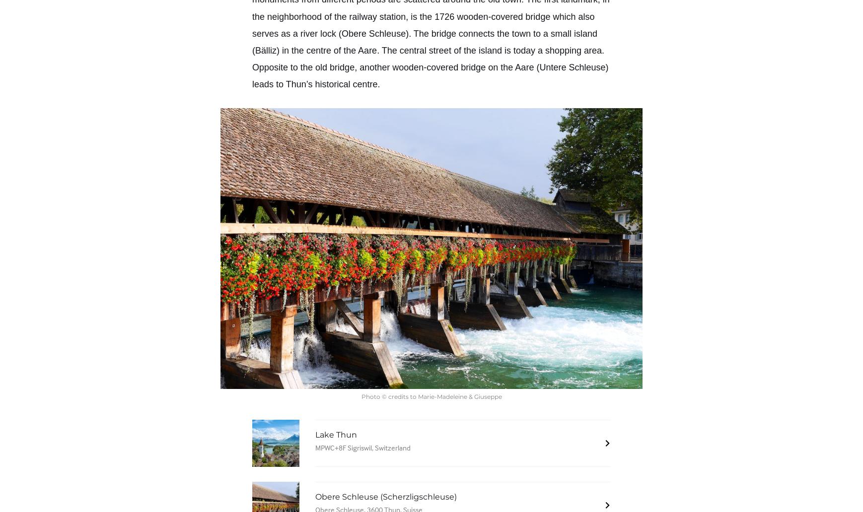 Image resolution: width=863 pixels, height=512 pixels. I want to click on 'Obere Schleuse (Scherzligschleuse)', so click(386, 496).